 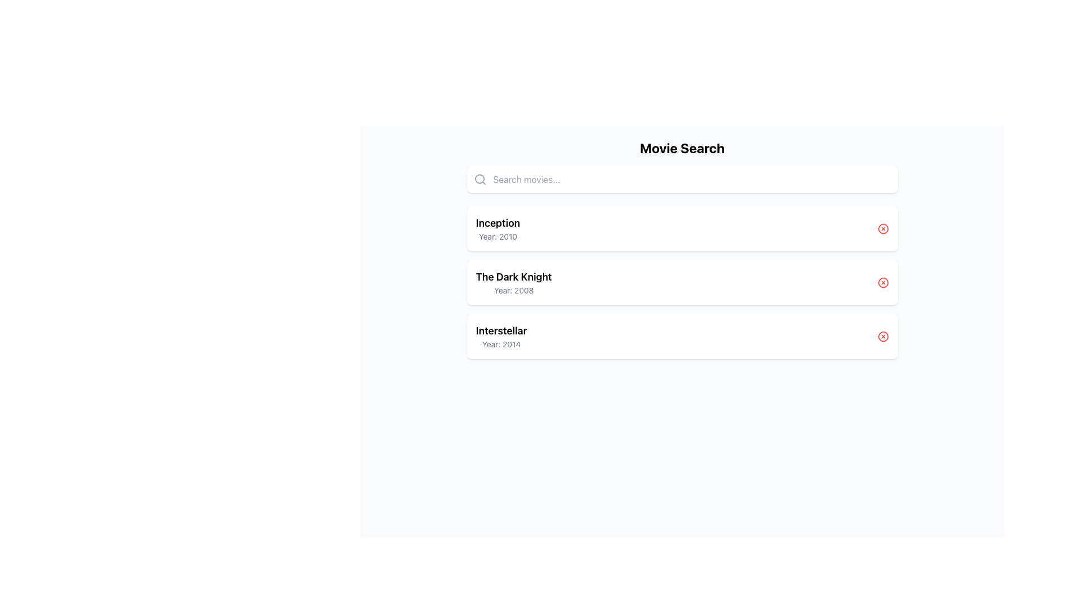 I want to click on the search icon located at the start of the search bar in the 'Movie Search' interface, which serves as a visual indicator for search actions, so click(x=480, y=179).